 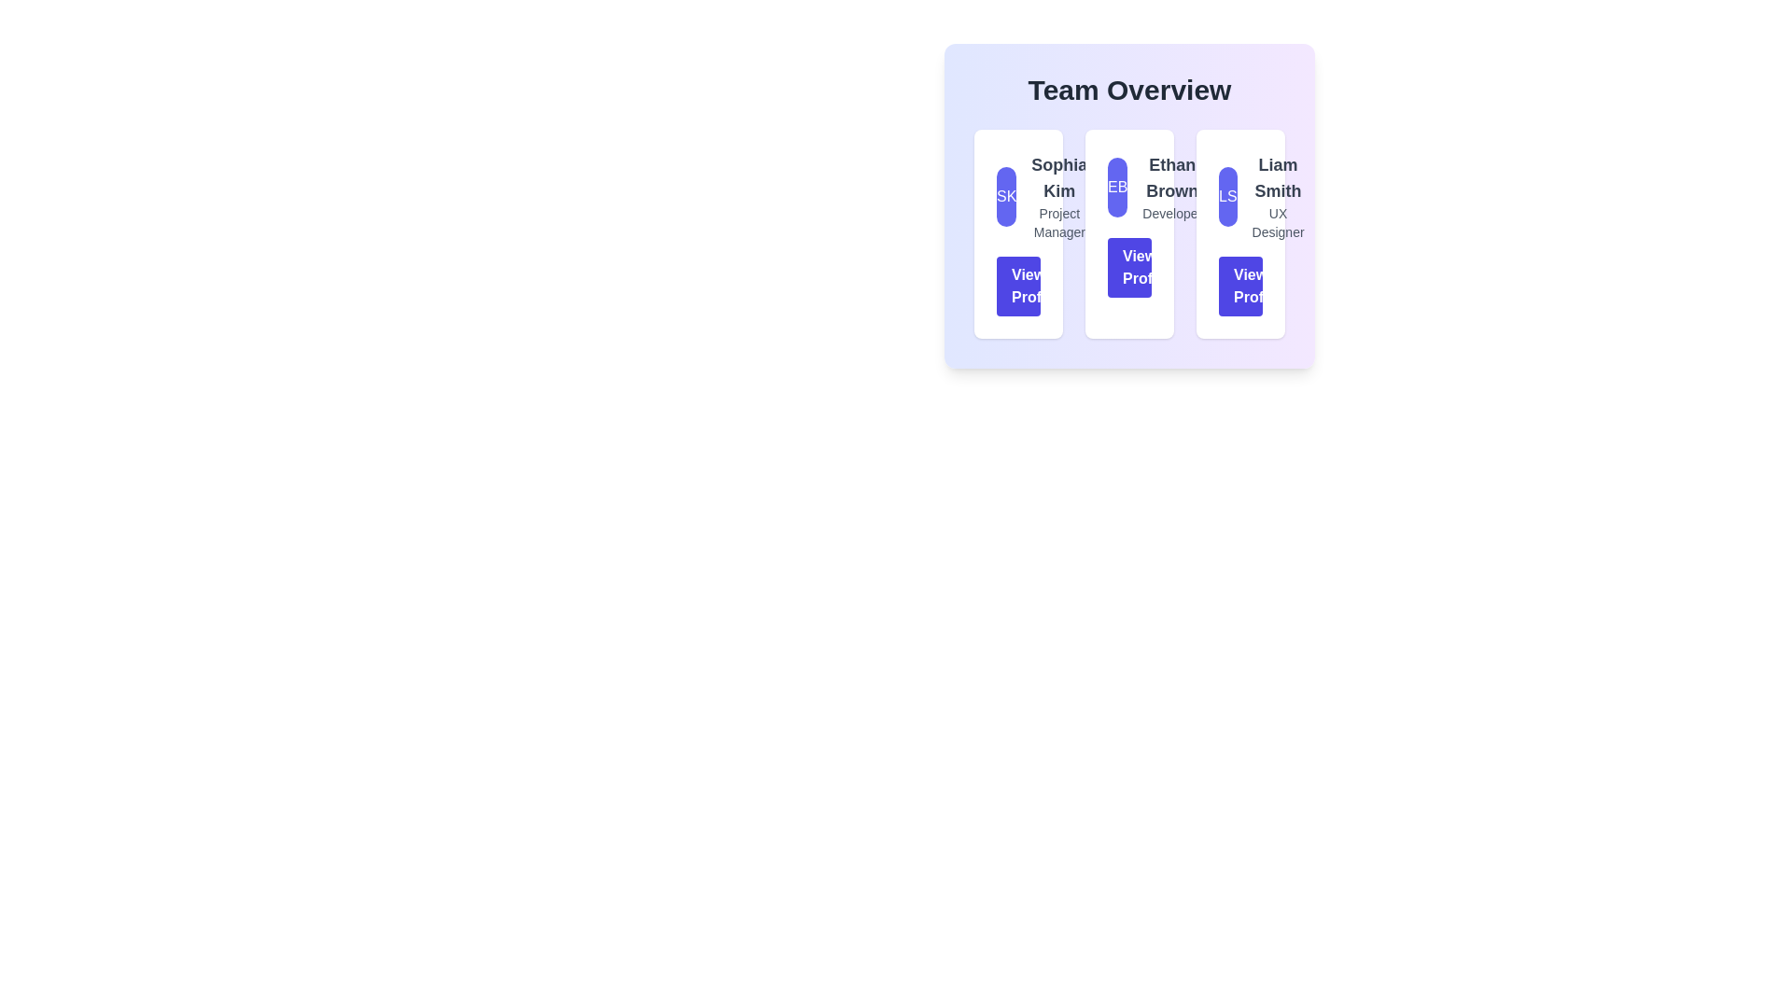 What do you see at coordinates (1240, 197) in the screenshot?
I see `the circular badge displaying 'LS' with a bold indigo background, located at the top-left quadrant of the profile card layout` at bounding box center [1240, 197].